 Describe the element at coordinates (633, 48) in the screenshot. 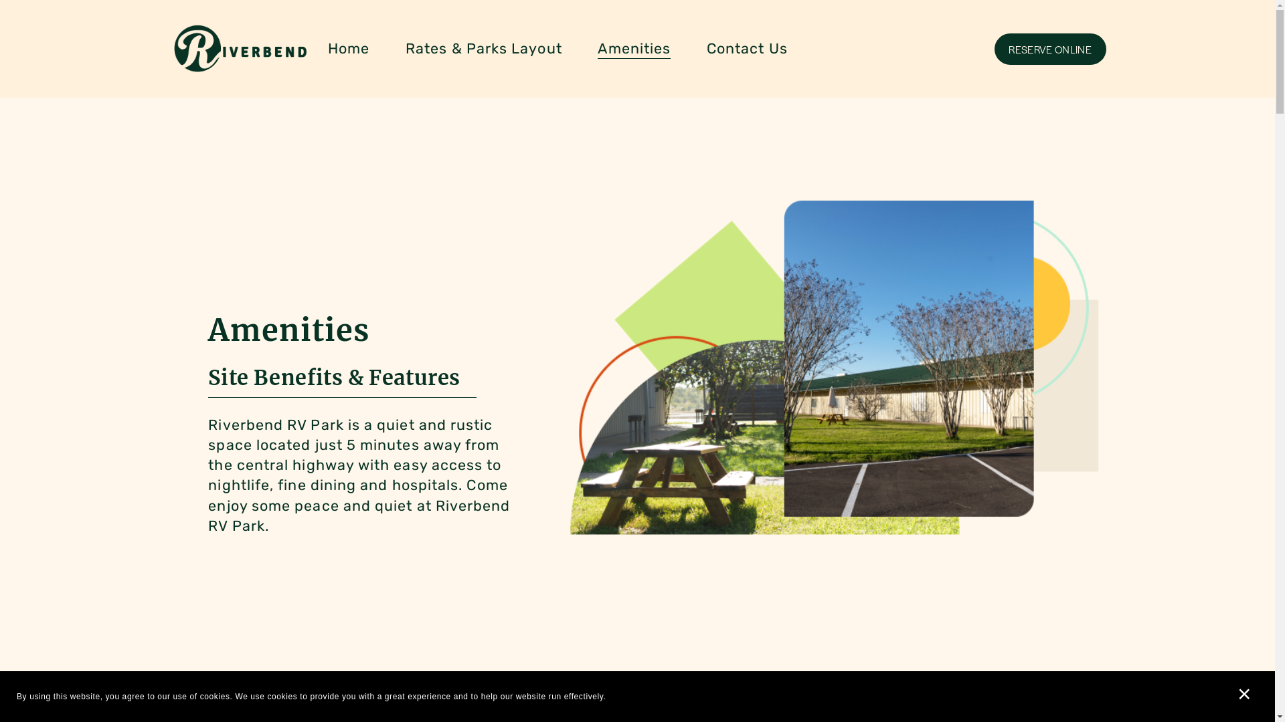

I see `'Amenities'` at that location.